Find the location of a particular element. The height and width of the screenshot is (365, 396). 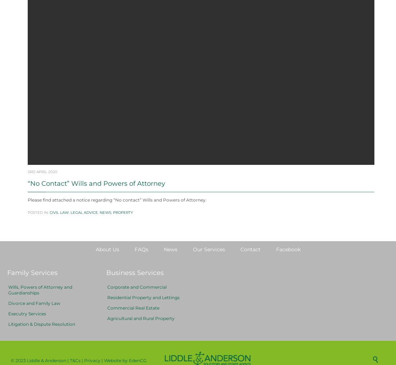

'Family Services' is located at coordinates (7, 290).